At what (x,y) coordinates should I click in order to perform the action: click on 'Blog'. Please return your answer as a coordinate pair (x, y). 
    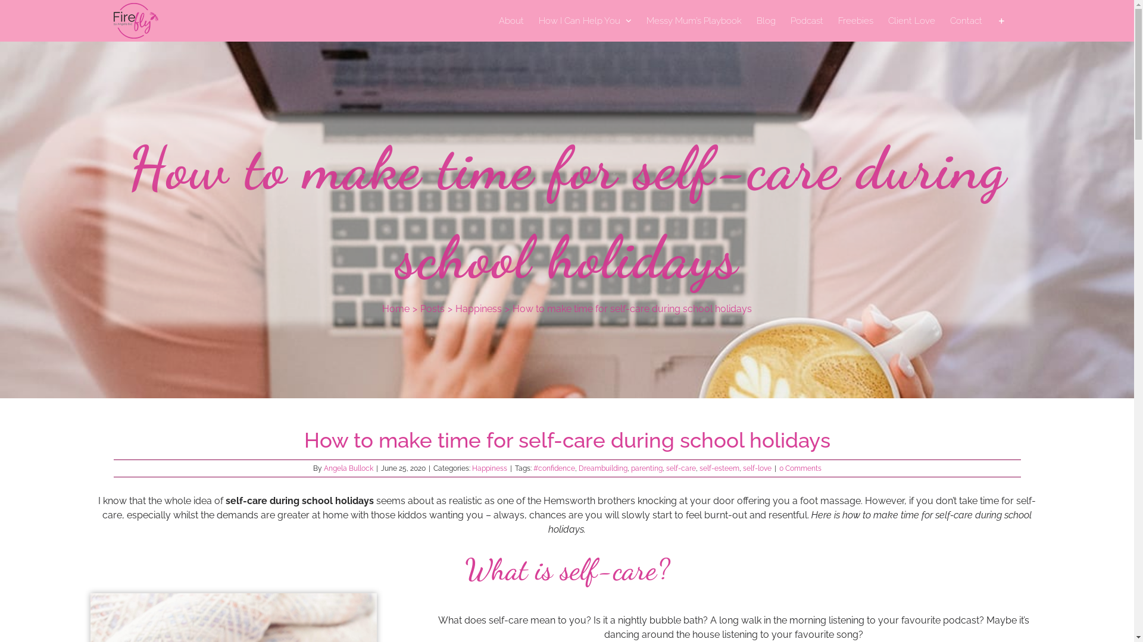
    Looking at the image, I should click on (766, 20).